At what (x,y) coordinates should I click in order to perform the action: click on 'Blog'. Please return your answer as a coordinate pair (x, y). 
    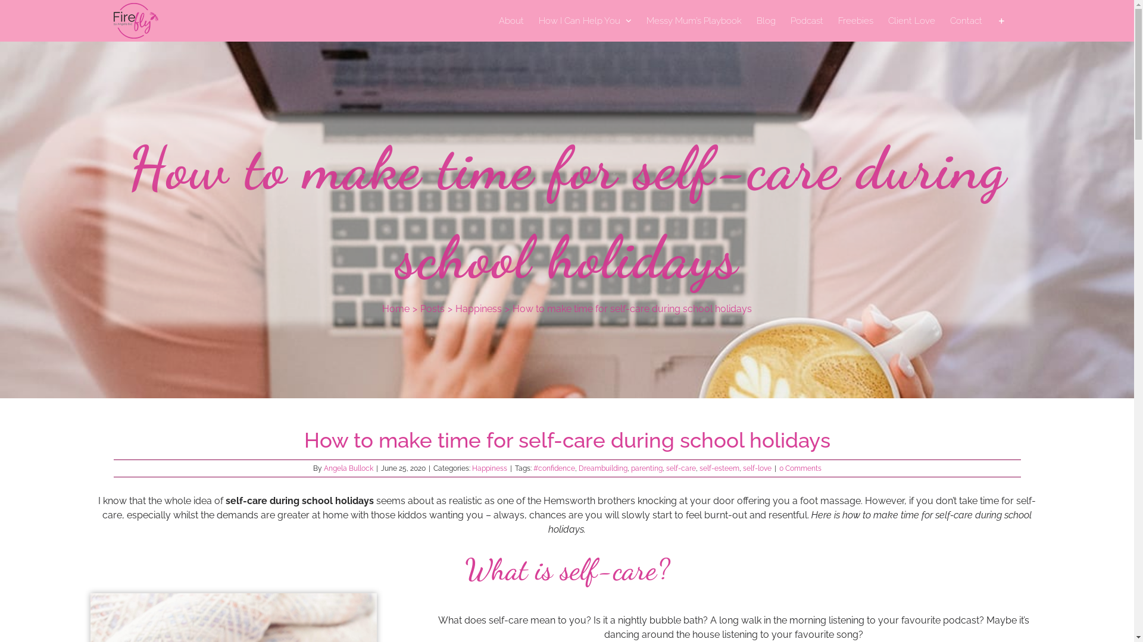
    Looking at the image, I should click on (766, 20).